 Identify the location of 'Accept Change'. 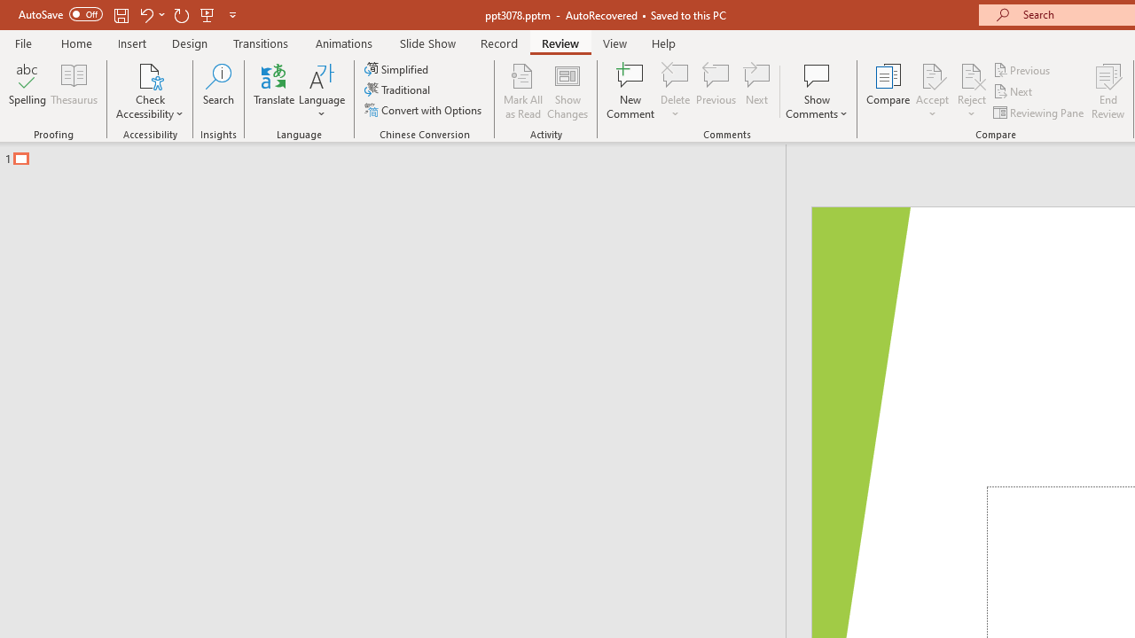
(931, 74).